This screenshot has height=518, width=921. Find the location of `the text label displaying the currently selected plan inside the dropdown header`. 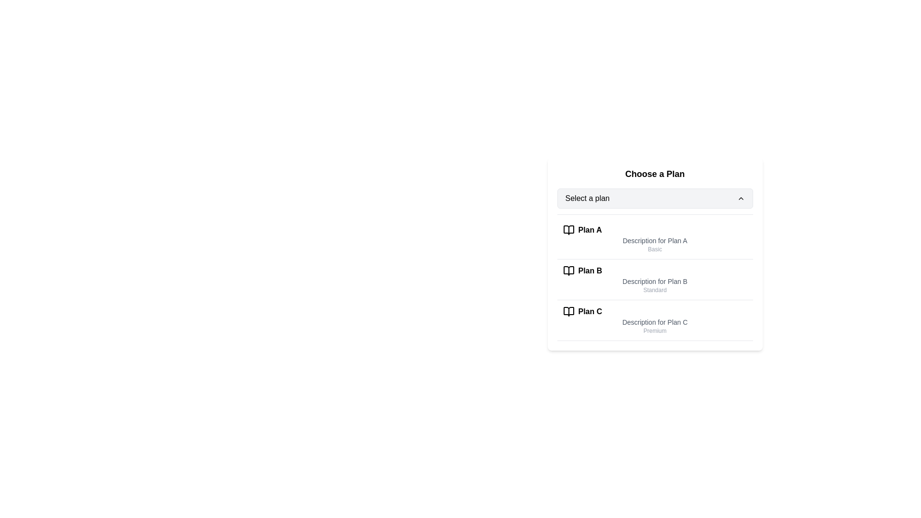

the text label displaying the currently selected plan inside the dropdown header is located at coordinates (587, 198).